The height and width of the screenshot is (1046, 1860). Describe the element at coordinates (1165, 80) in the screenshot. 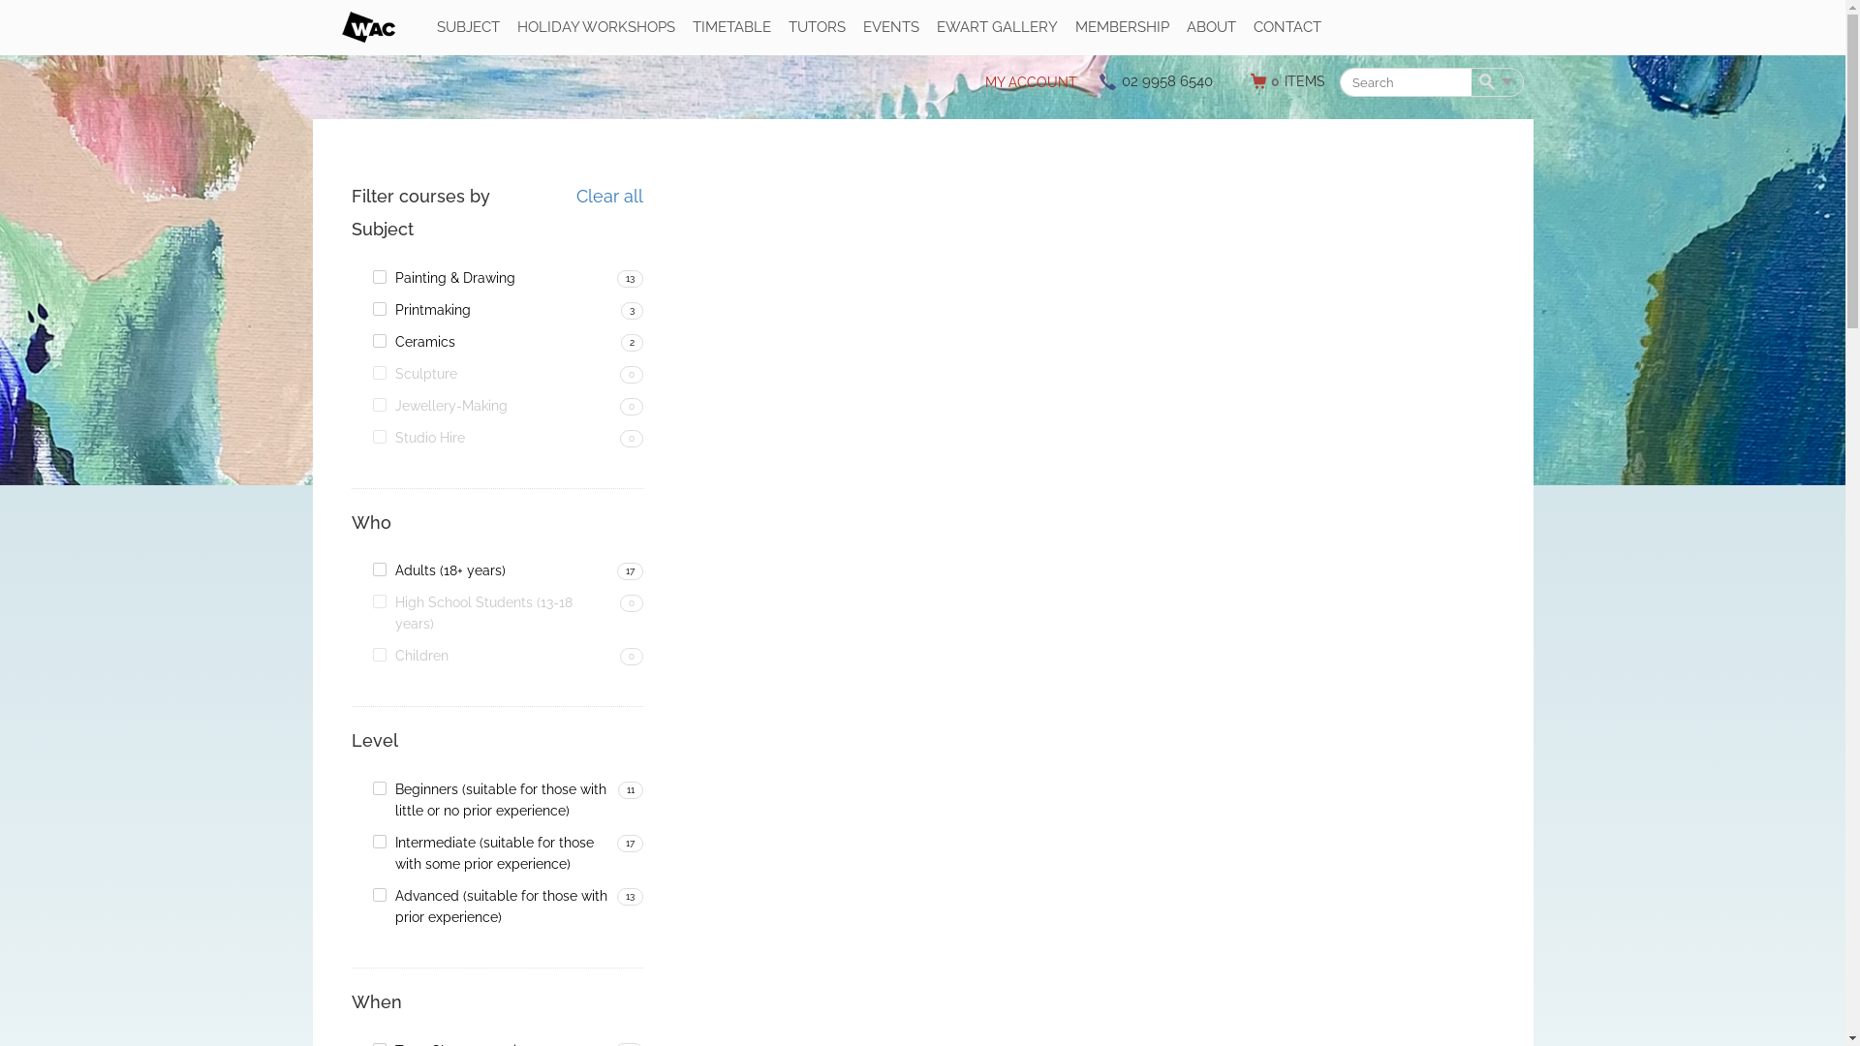

I see `'02 9958 6540'` at that location.